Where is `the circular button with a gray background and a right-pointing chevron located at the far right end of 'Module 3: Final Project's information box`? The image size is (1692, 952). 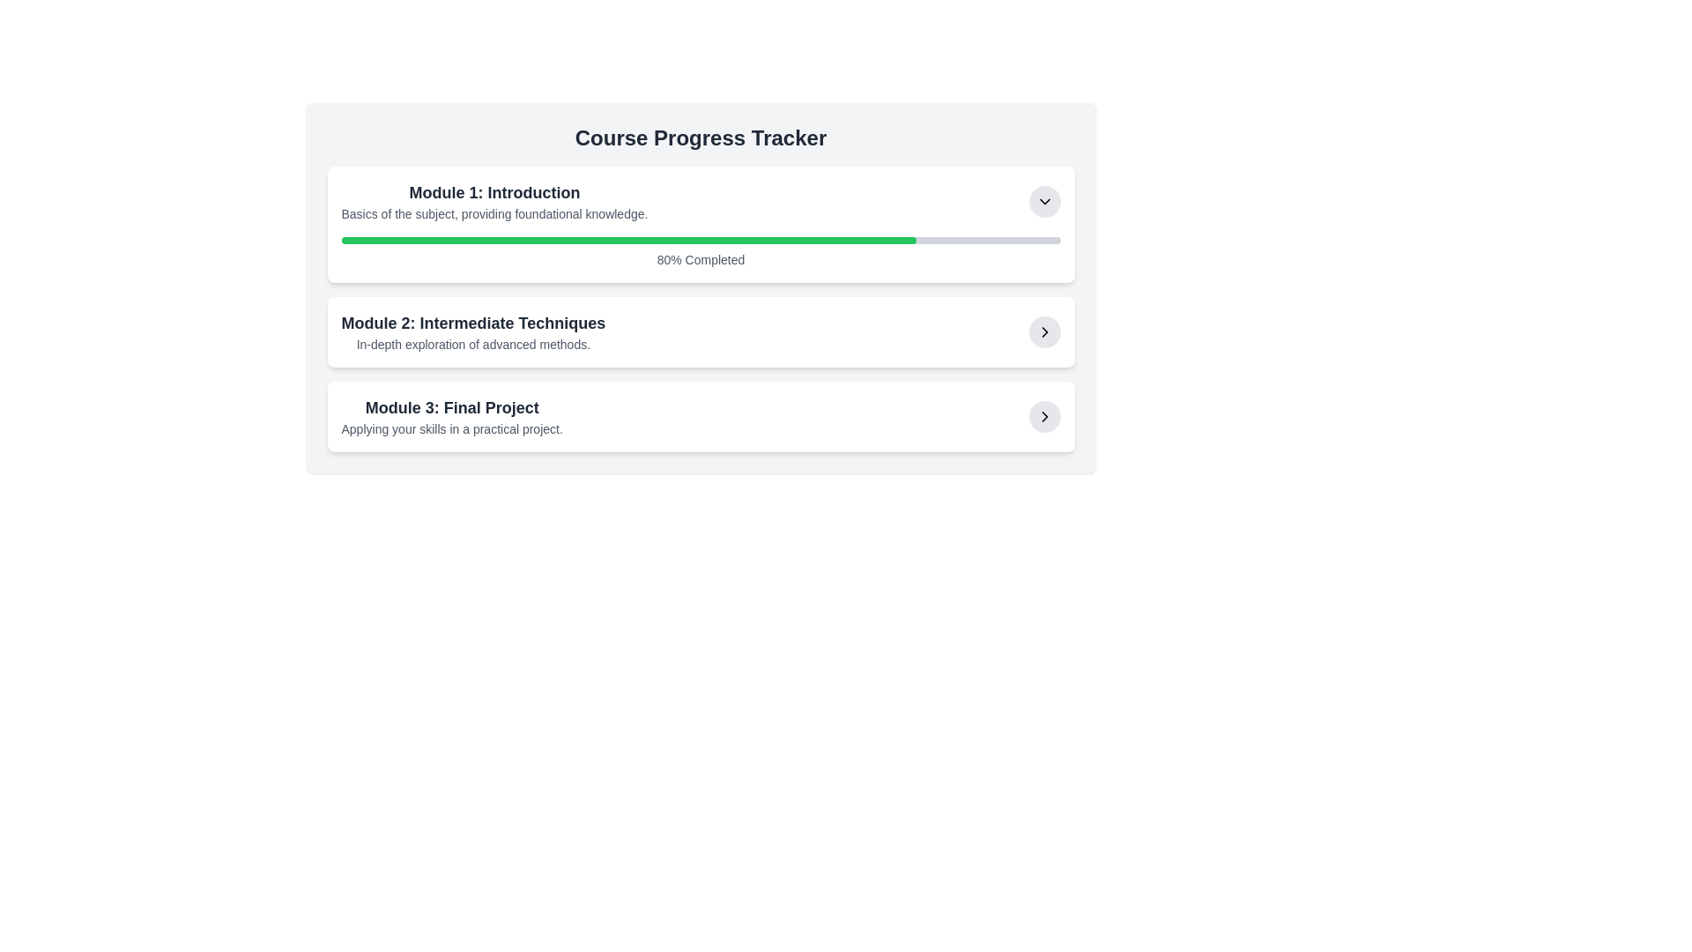 the circular button with a gray background and a right-pointing chevron located at the far right end of 'Module 3: Final Project's information box is located at coordinates (1044, 417).